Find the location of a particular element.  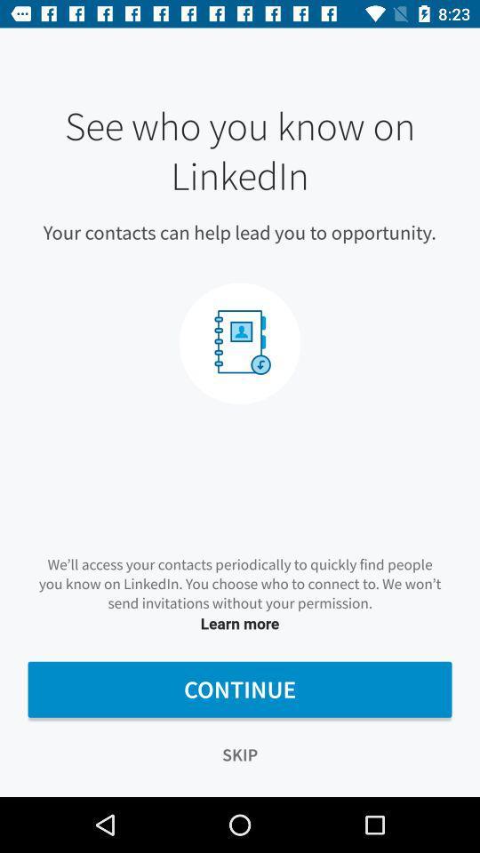

the skip icon is located at coordinates (240, 753).